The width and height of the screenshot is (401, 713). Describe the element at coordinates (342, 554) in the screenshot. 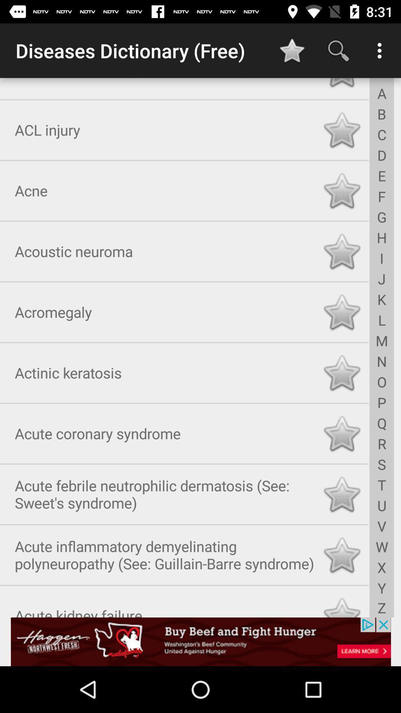

I see `highlight option` at that location.